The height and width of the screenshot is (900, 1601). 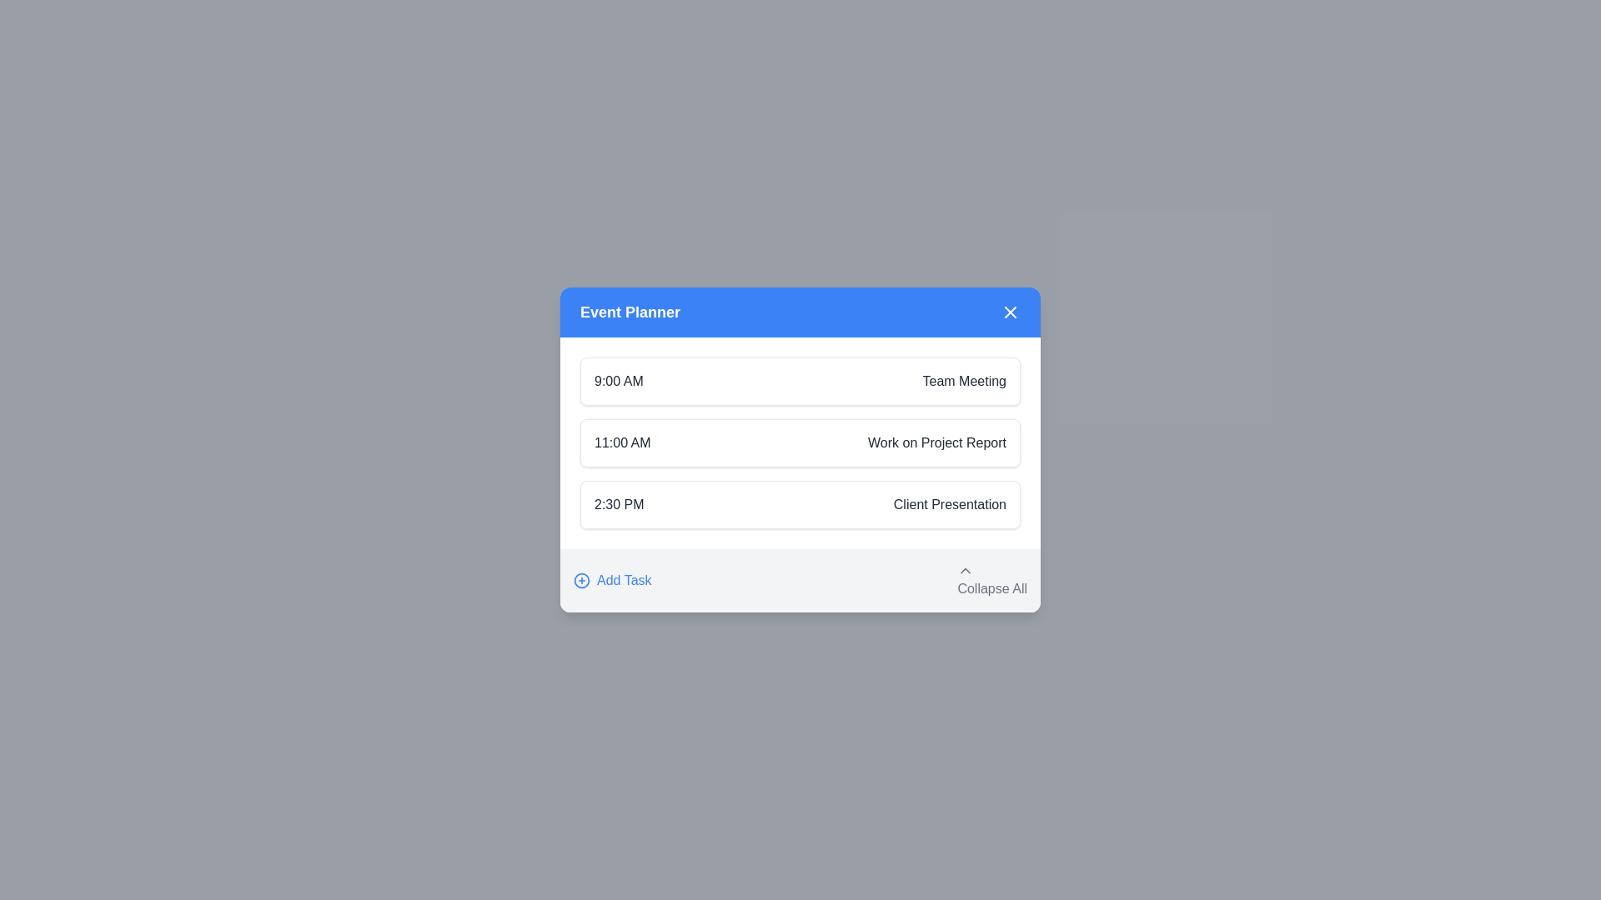 I want to click on the 'Collapse All' button to collapse all tasks in the Event Planner dialog, so click(x=992, y=580).